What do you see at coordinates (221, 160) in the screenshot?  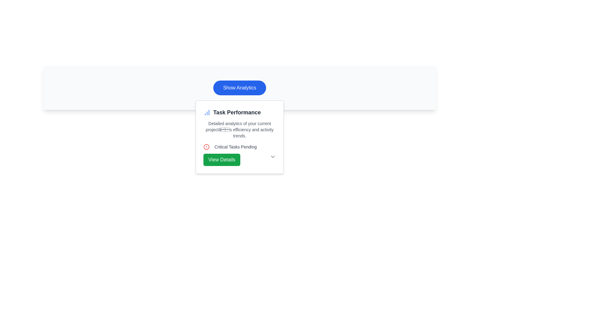 I see `the green rectangular button labeled 'View Details' located at the bottom of the 'Task Performance' card to initiate navigation` at bounding box center [221, 160].